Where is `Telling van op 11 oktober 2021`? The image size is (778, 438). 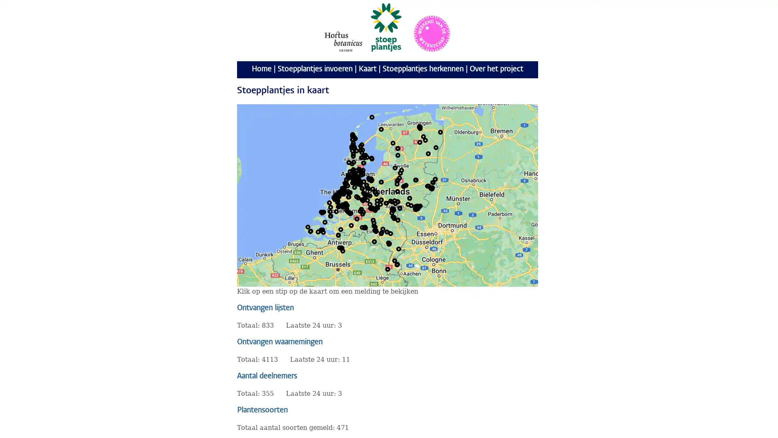
Telling van op 11 oktober 2021 is located at coordinates (342, 187).